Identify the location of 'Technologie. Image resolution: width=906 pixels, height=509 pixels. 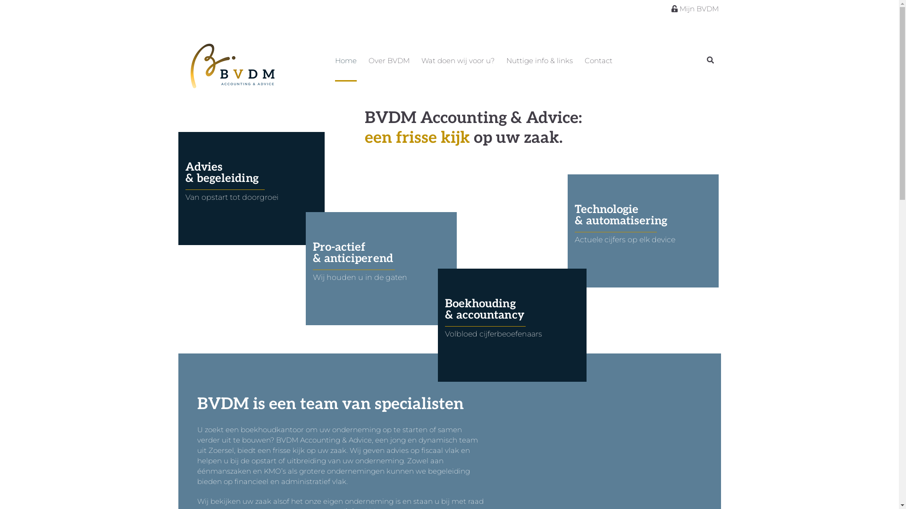
(621, 215).